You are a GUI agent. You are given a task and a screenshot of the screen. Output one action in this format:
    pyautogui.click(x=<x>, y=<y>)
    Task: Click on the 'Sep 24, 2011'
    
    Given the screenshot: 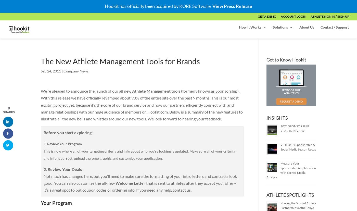 What is the action you would take?
    pyautogui.click(x=51, y=71)
    